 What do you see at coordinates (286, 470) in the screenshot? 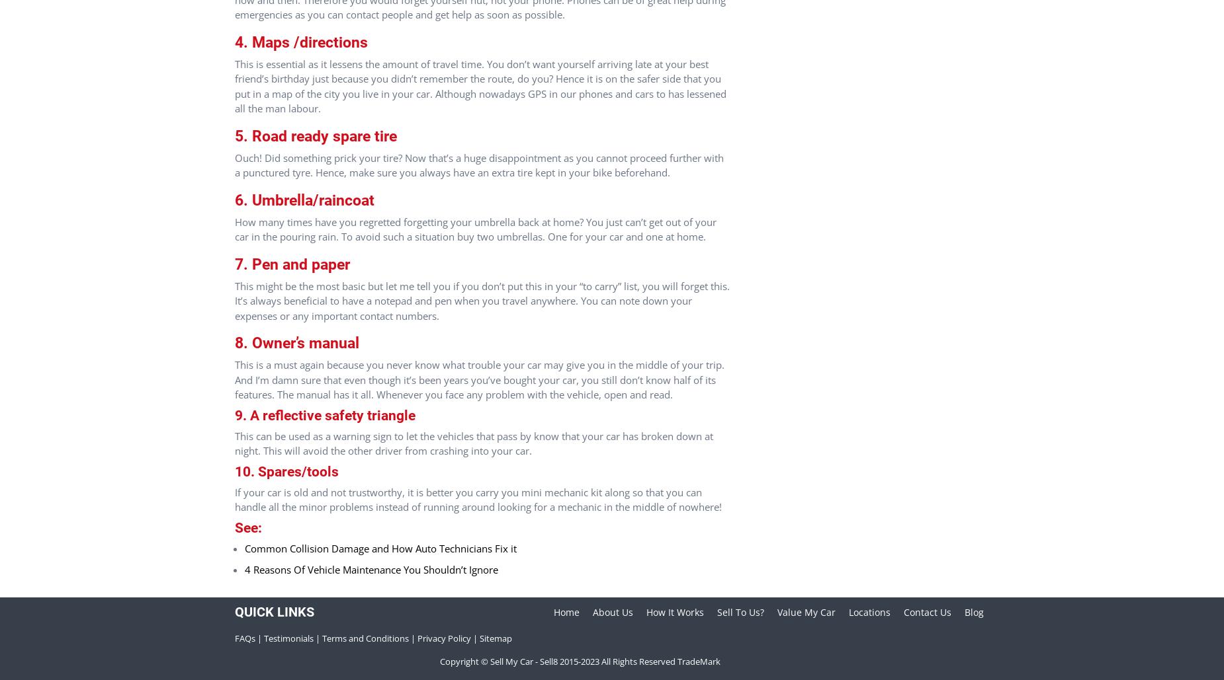
I see `'10. Spares/tools'` at bounding box center [286, 470].